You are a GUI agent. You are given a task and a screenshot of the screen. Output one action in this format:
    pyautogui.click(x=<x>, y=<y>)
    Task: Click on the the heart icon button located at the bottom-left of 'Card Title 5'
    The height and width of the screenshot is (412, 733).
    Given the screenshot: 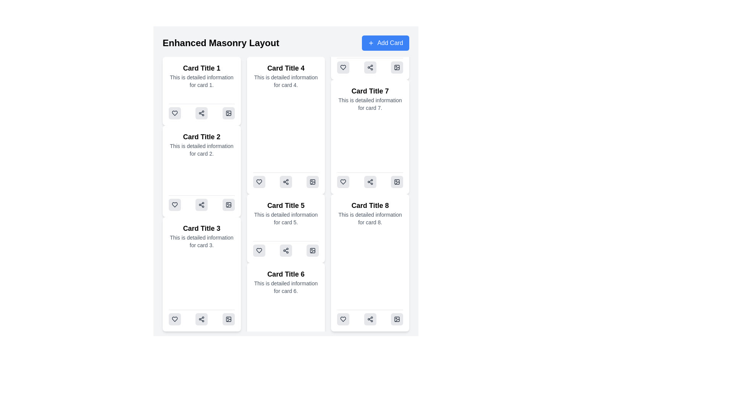 What is the action you would take?
    pyautogui.click(x=259, y=250)
    